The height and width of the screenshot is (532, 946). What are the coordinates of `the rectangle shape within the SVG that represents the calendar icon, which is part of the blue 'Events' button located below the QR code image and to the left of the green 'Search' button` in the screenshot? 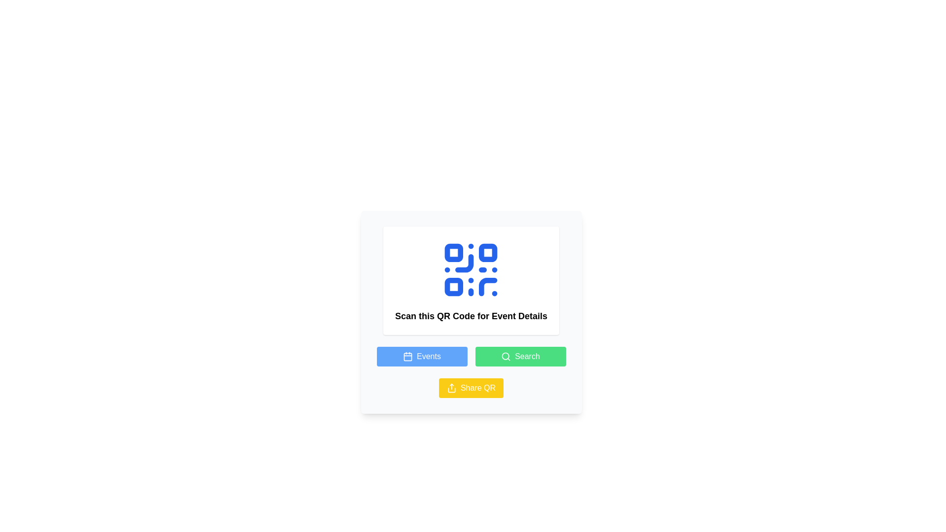 It's located at (408, 357).